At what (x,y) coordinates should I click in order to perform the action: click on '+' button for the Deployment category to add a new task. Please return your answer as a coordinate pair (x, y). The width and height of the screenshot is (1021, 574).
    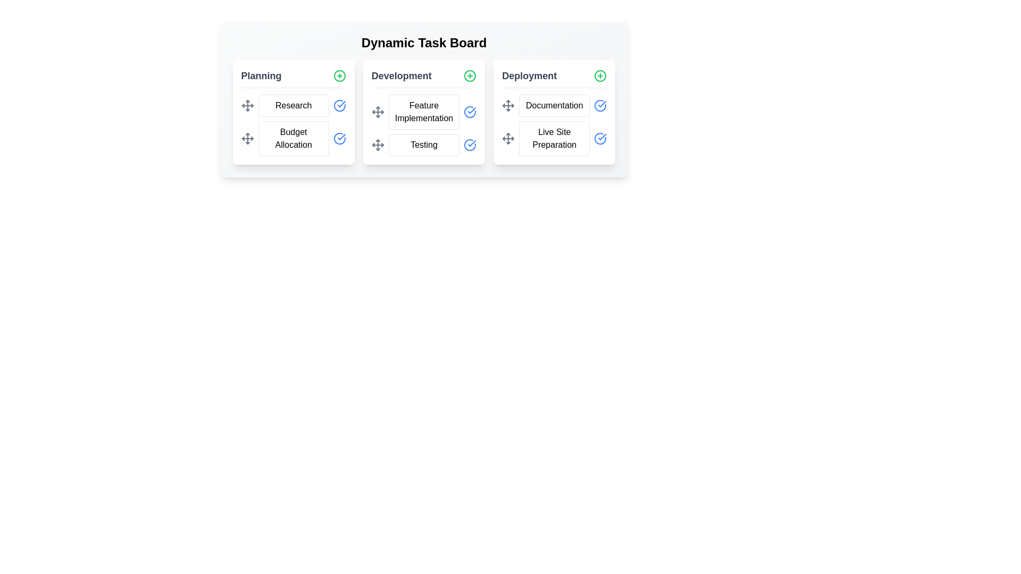
    Looking at the image, I should click on (600, 75).